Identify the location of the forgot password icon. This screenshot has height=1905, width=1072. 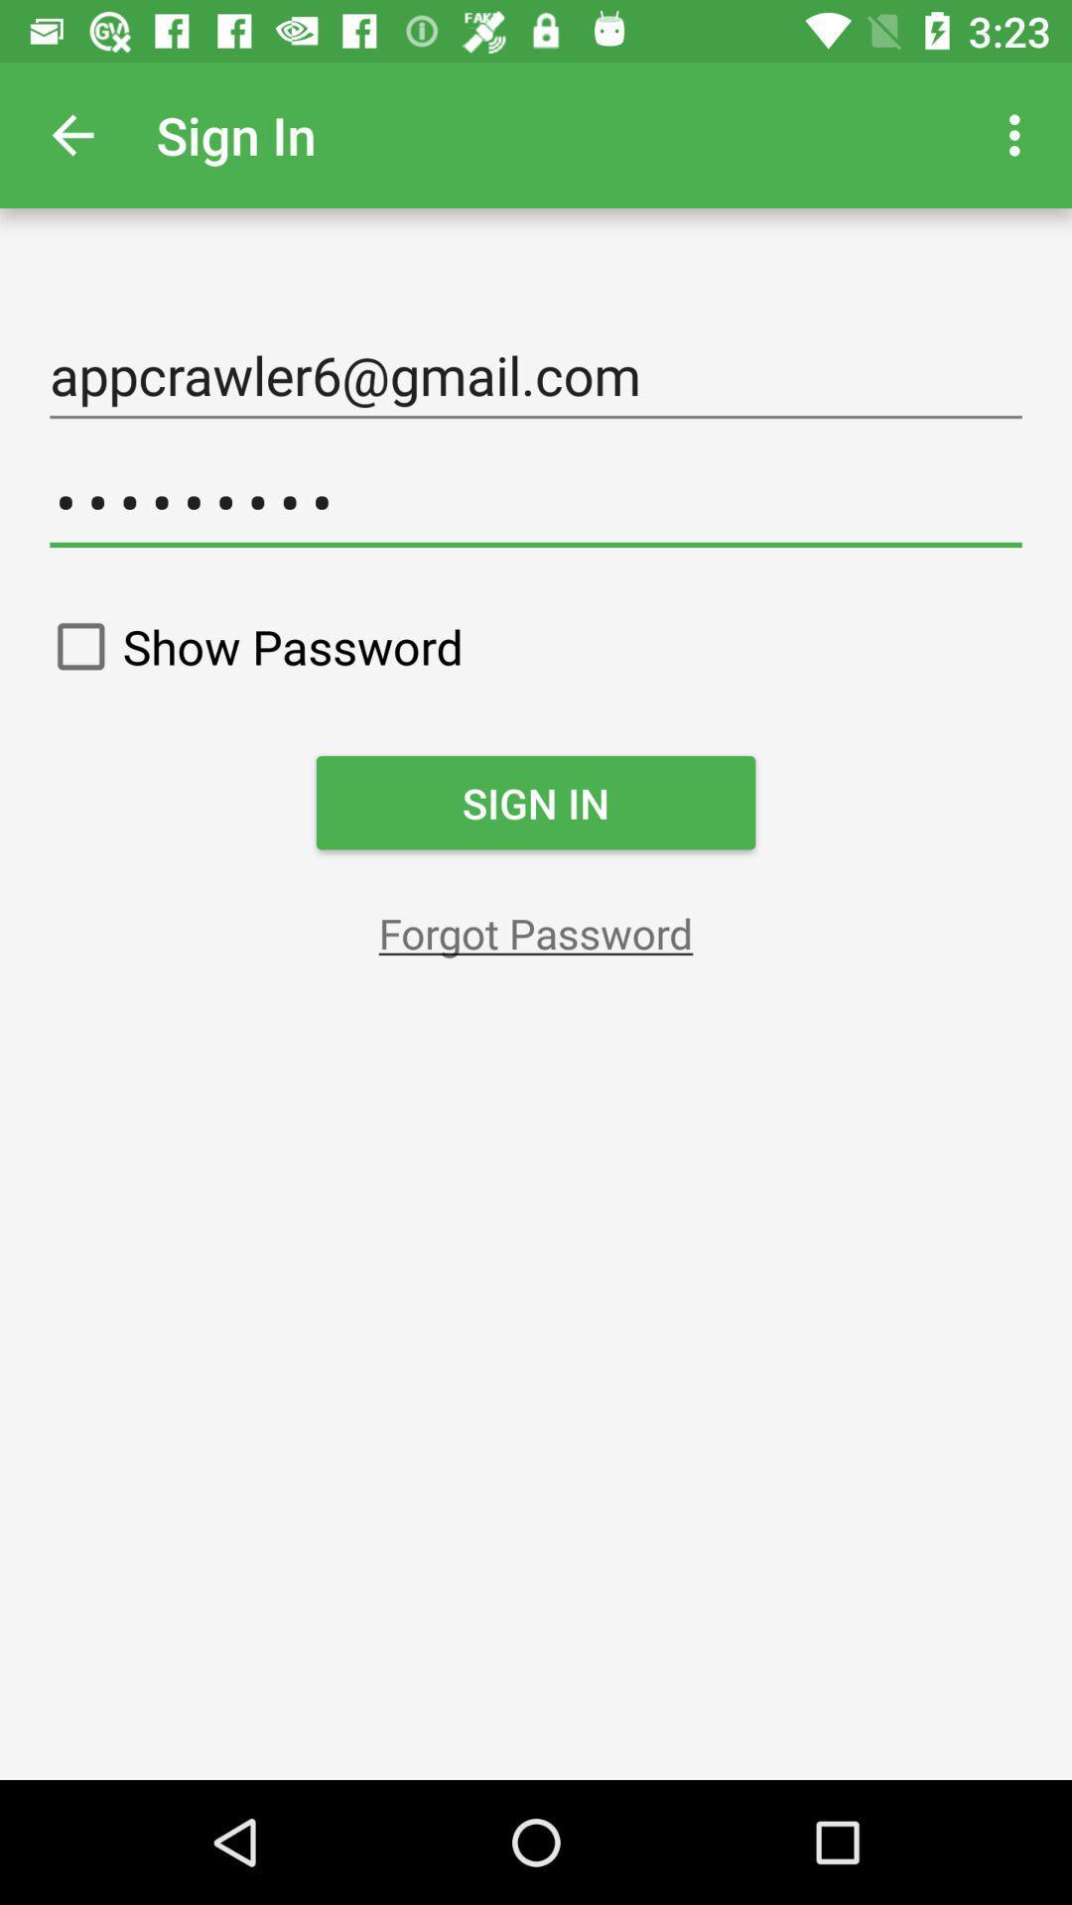
(536, 932).